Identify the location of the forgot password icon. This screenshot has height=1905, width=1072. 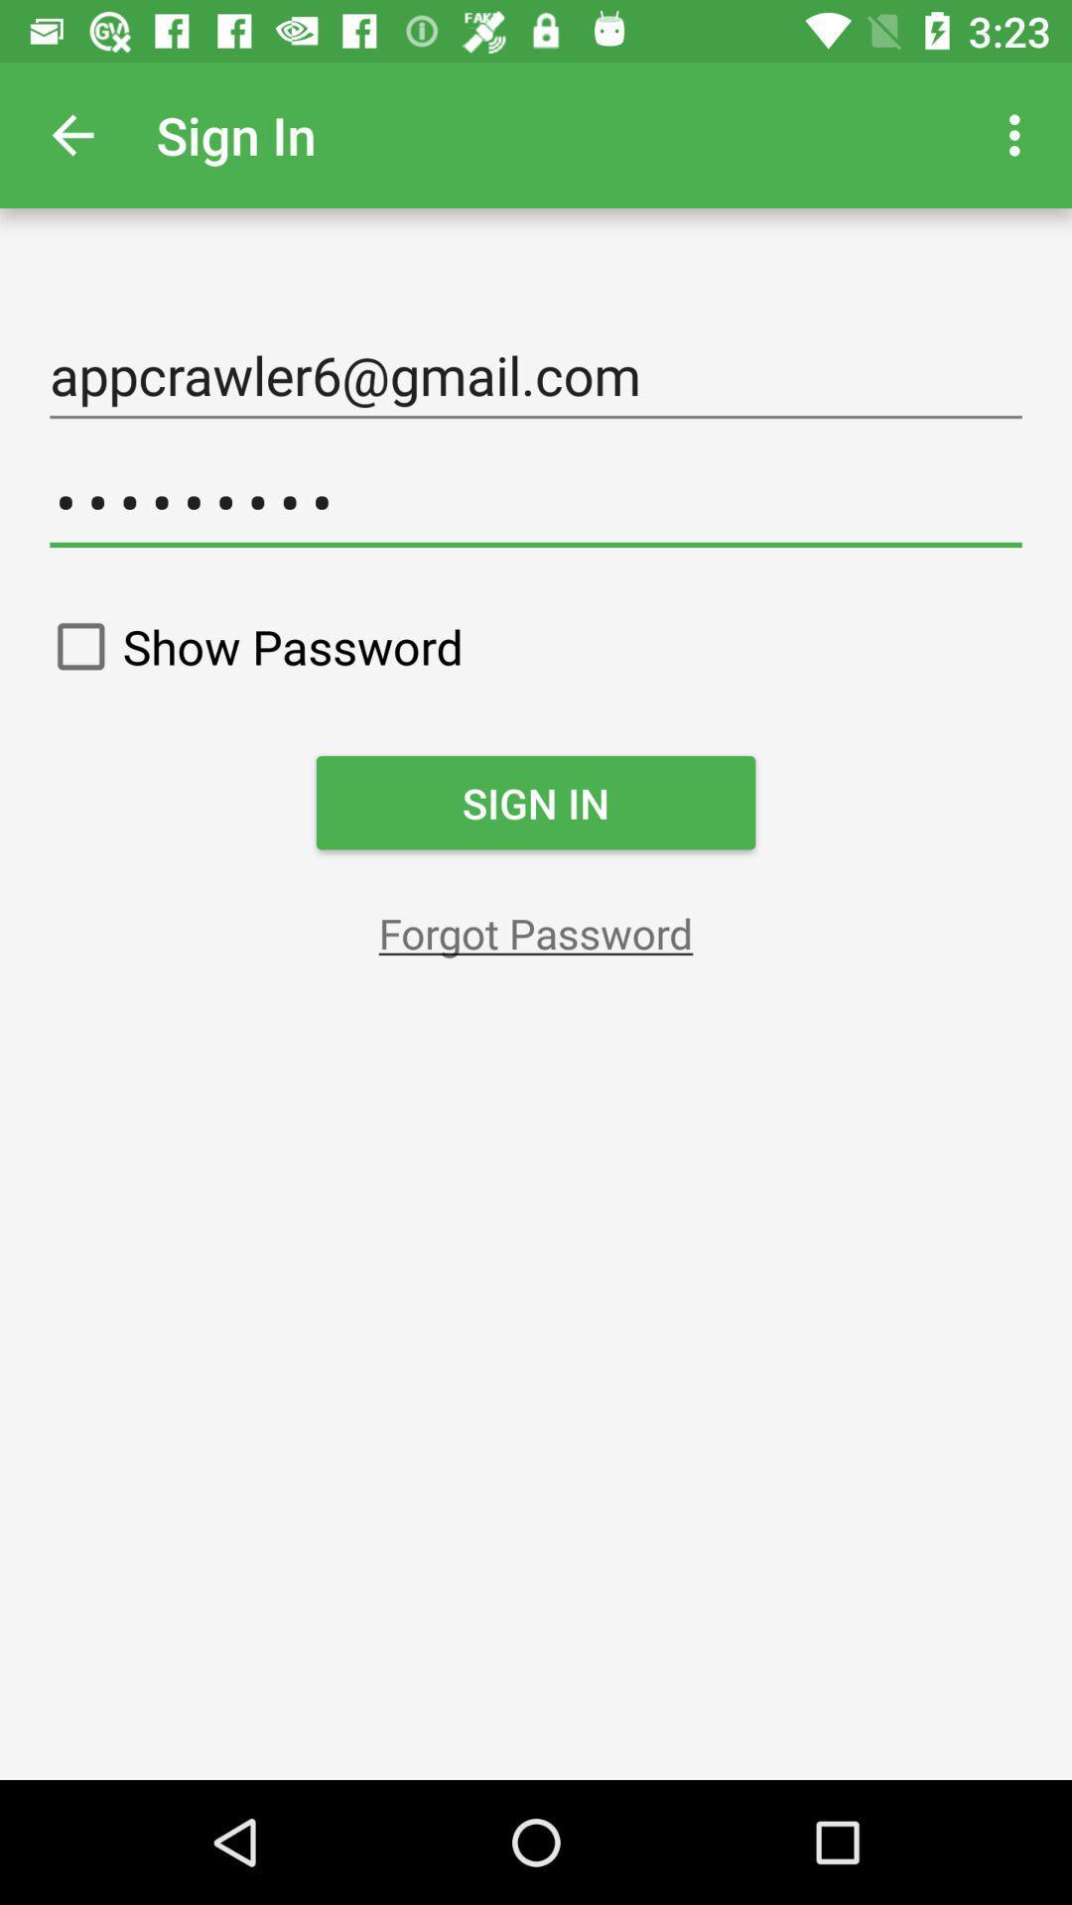
(536, 932).